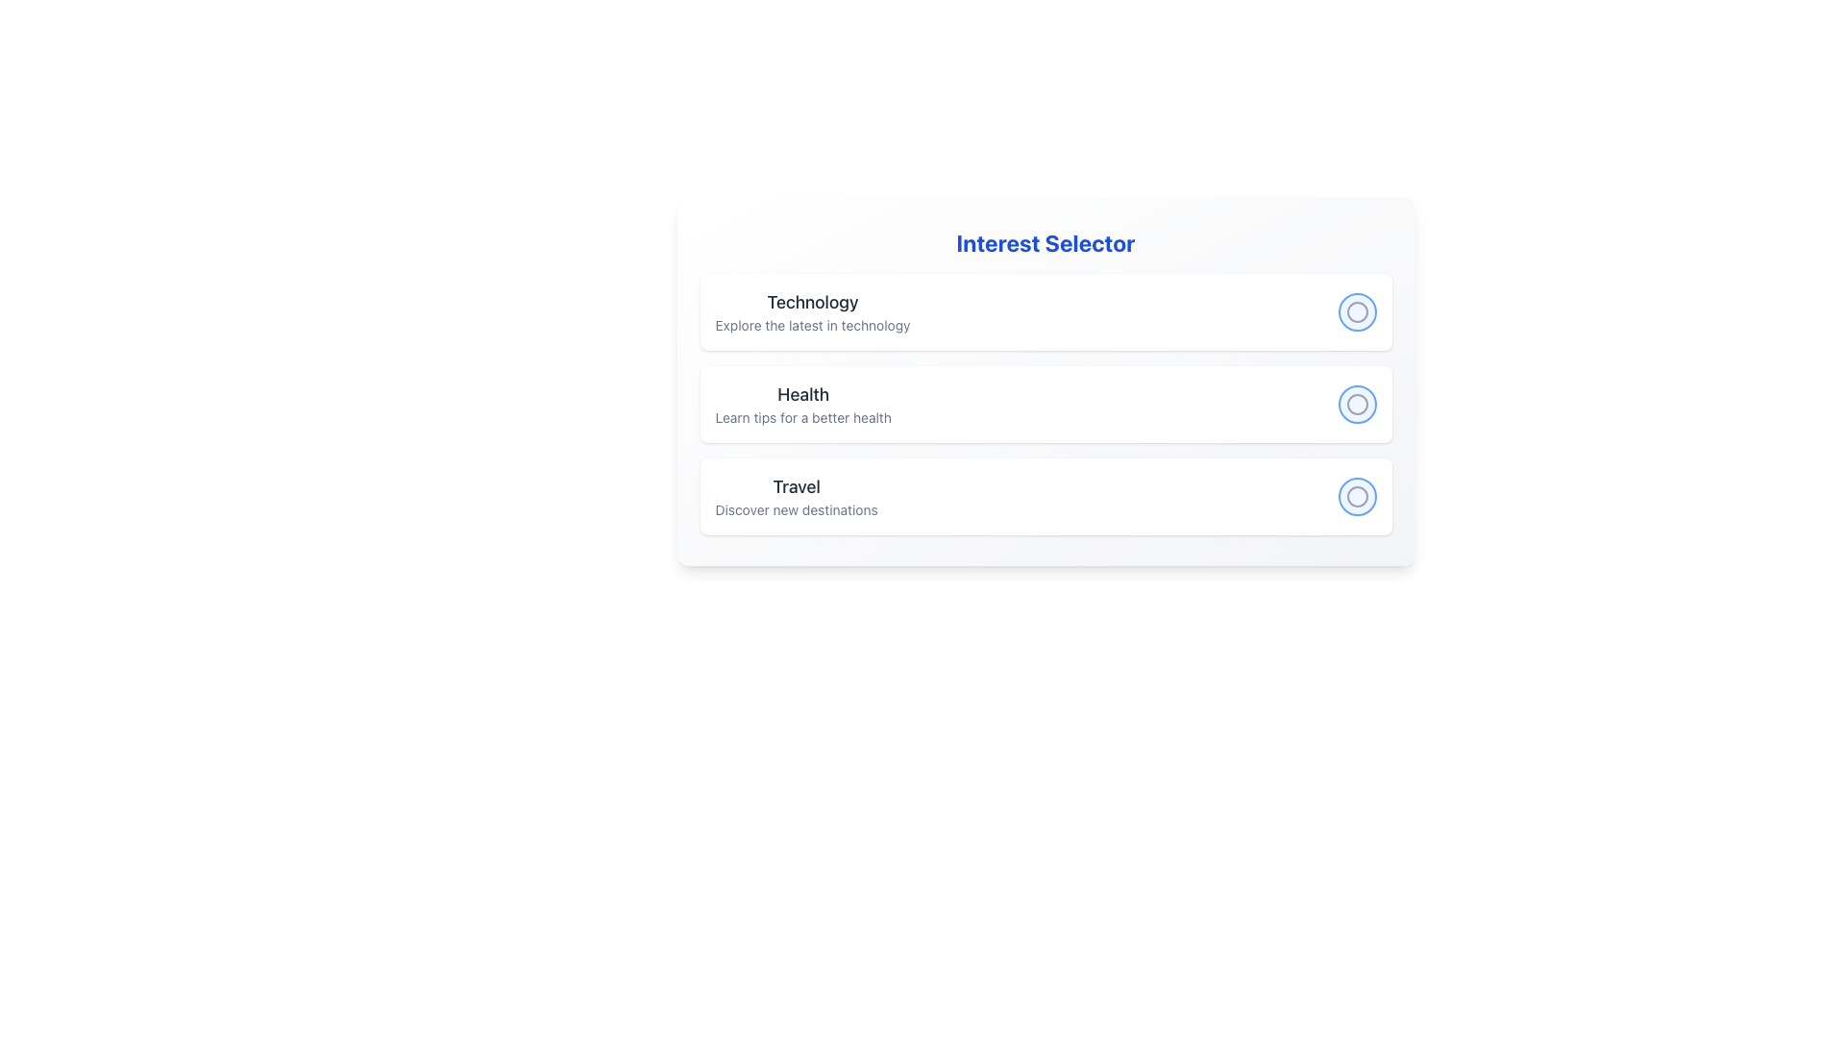 This screenshot has width=1845, height=1038. I want to click on the second interactive list item in the vertical list that contains the description 'Learn tips for a better health', so click(1045, 403).